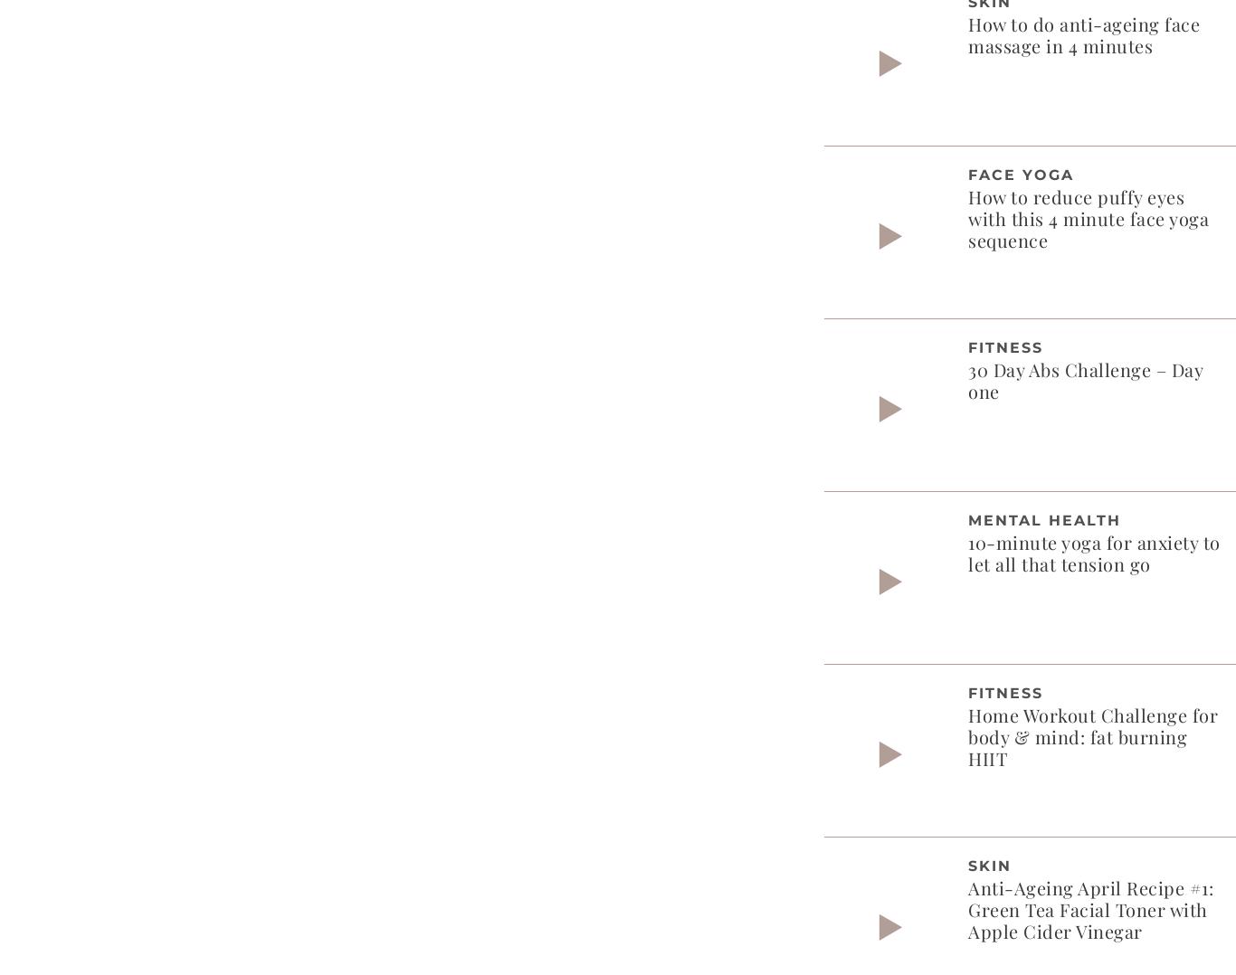 This screenshot has height=975, width=1236. What do you see at coordinates (1085, 378) in the screenshot?
I see `'30 Day Abs Challenge – Day one'` at bounding box center [1085, 378].